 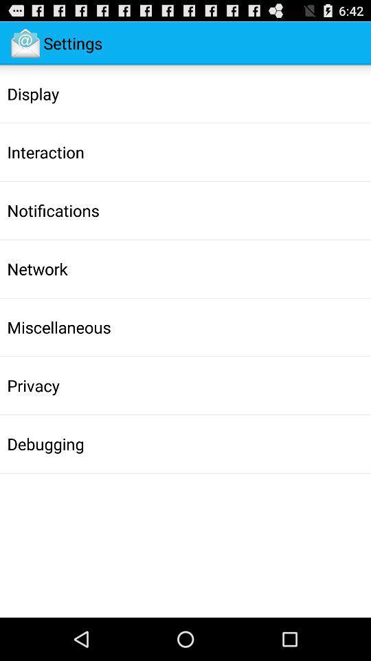 What do you see at coordinates (37, 268) in the screenshot?
I see `the item above the miscellaneous` at bounding box center [37, 268].